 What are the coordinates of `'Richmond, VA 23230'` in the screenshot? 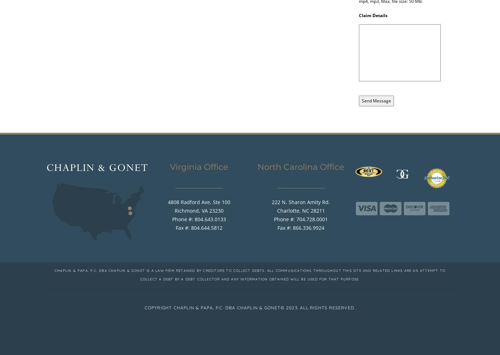 It's located at (175, 210).